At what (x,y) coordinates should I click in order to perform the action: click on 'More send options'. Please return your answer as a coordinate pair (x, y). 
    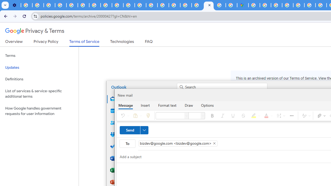
    Looking at the image, I should click on (144, 130).